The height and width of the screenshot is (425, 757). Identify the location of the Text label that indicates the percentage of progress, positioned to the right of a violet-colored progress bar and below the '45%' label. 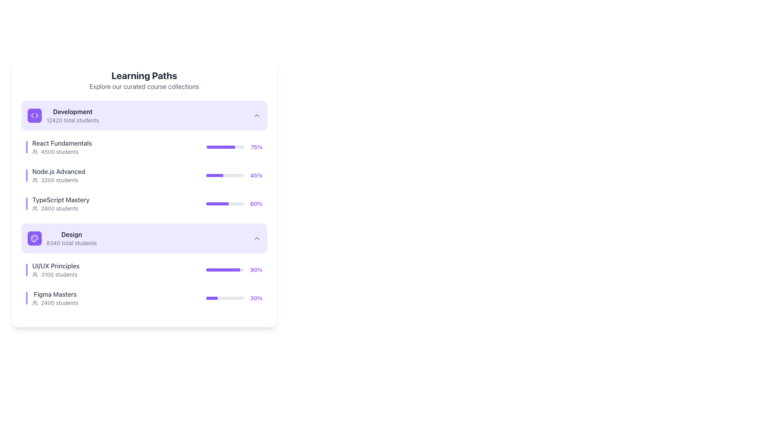
(256, 203).